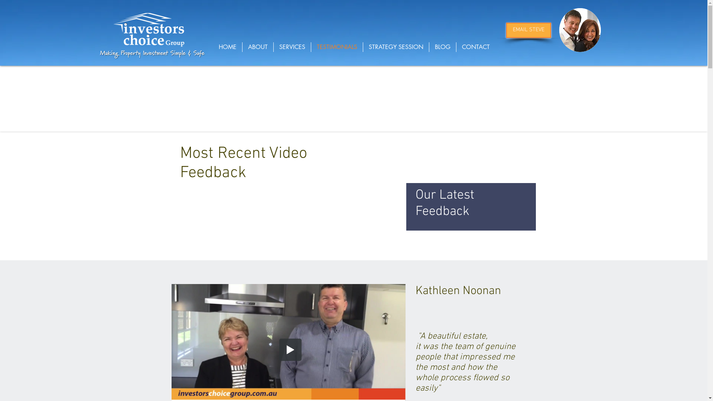 This screenshot has height=401, width=713. I want to click on 'ABOUT', so click(242, 47).